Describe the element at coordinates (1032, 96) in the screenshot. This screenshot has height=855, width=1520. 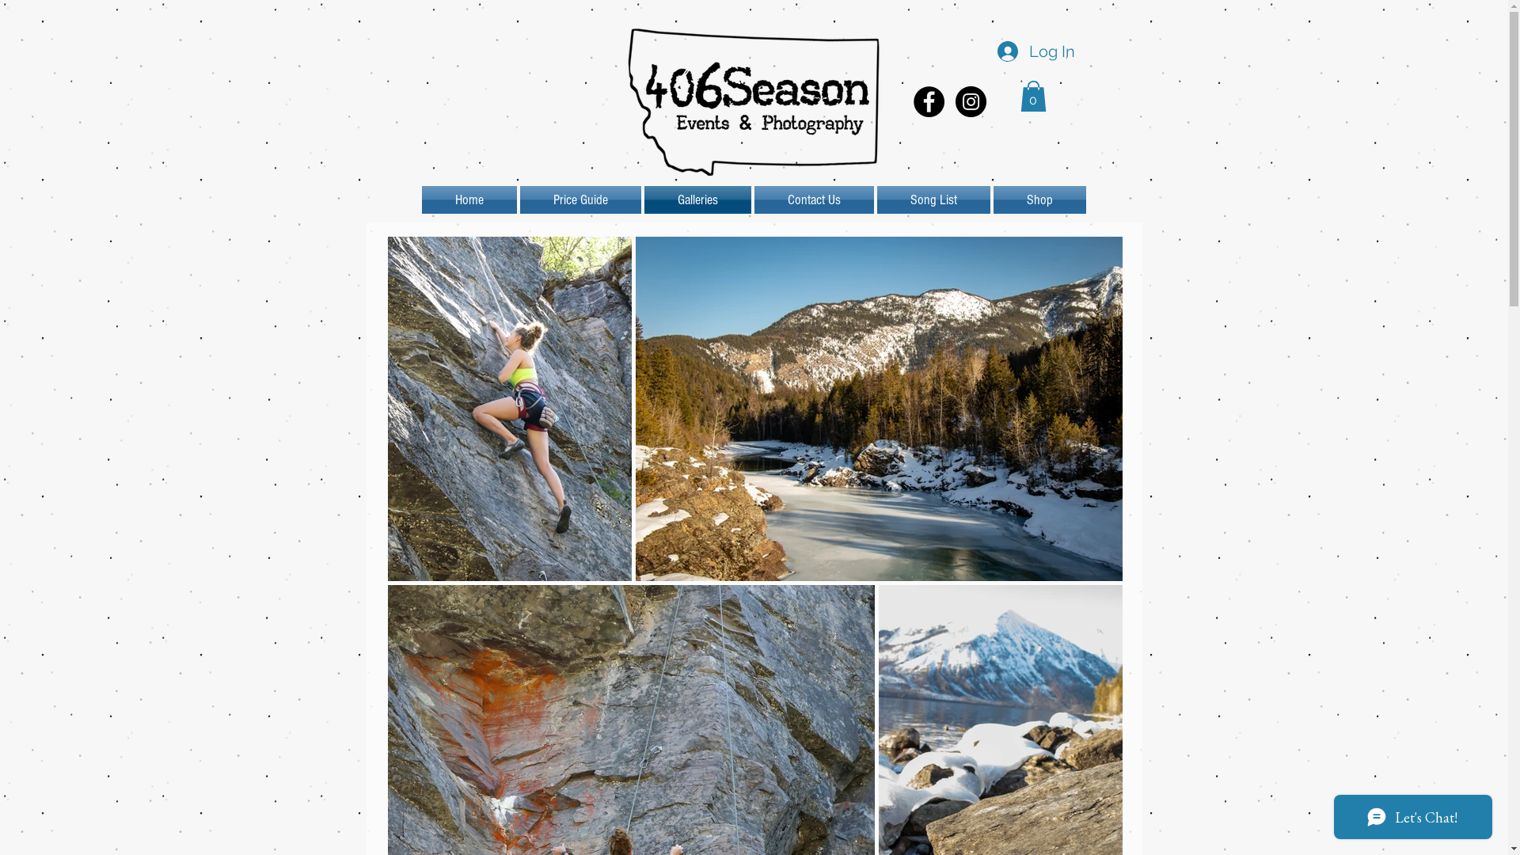
I see `'0'` at that location.